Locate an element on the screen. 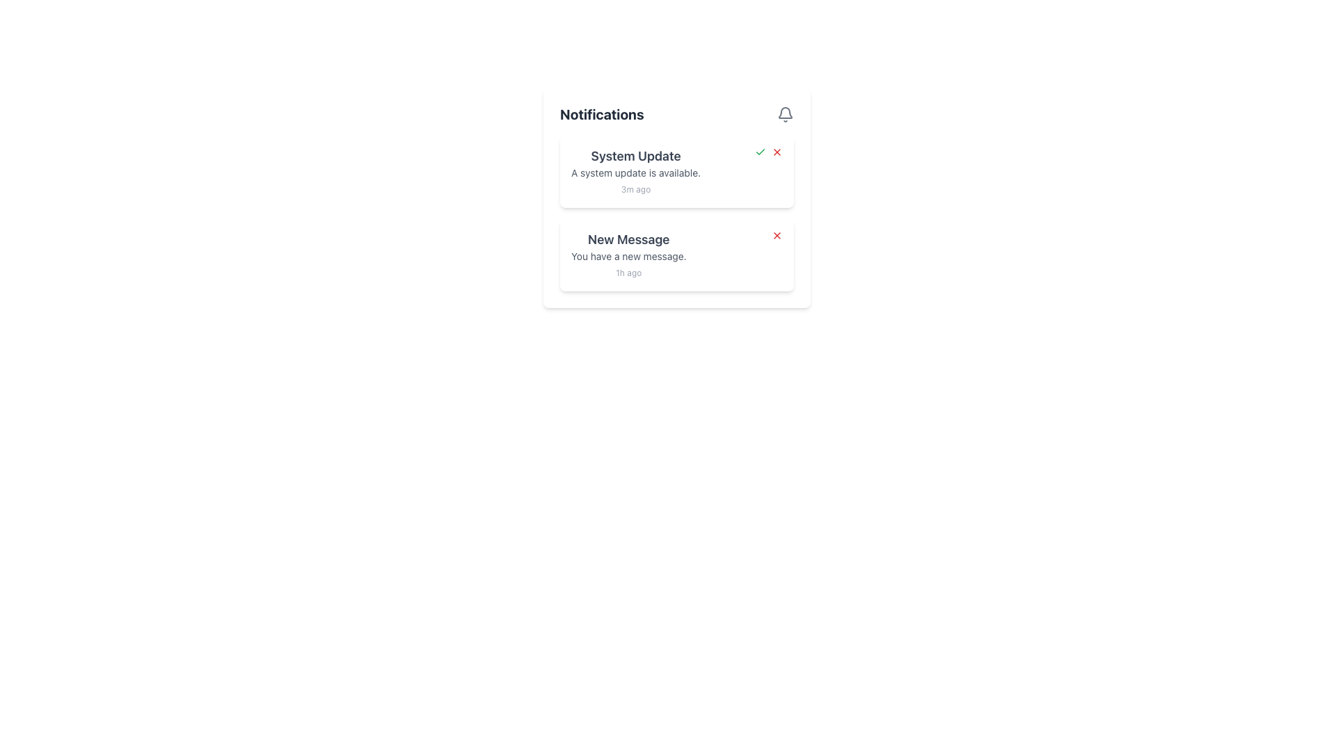 The height and width of the screenshot is (751, 1336). the first notification entry in the notification panel, which informs the user about a recent system update, located vertically above the 'New Message' entry and adjacent to action icons on the right side is located at coordinates (635, 170).